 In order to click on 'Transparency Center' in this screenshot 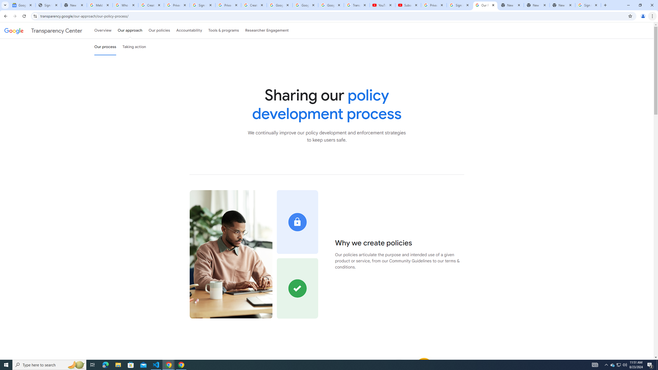, I will do `click(43, 30)`.